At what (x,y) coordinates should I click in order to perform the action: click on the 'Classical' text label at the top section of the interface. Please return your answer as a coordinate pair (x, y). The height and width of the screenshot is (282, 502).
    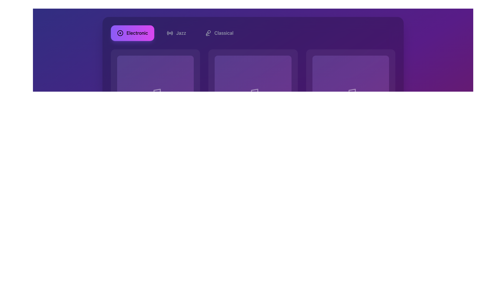
    Looking at the image, I should click on (224, 33).